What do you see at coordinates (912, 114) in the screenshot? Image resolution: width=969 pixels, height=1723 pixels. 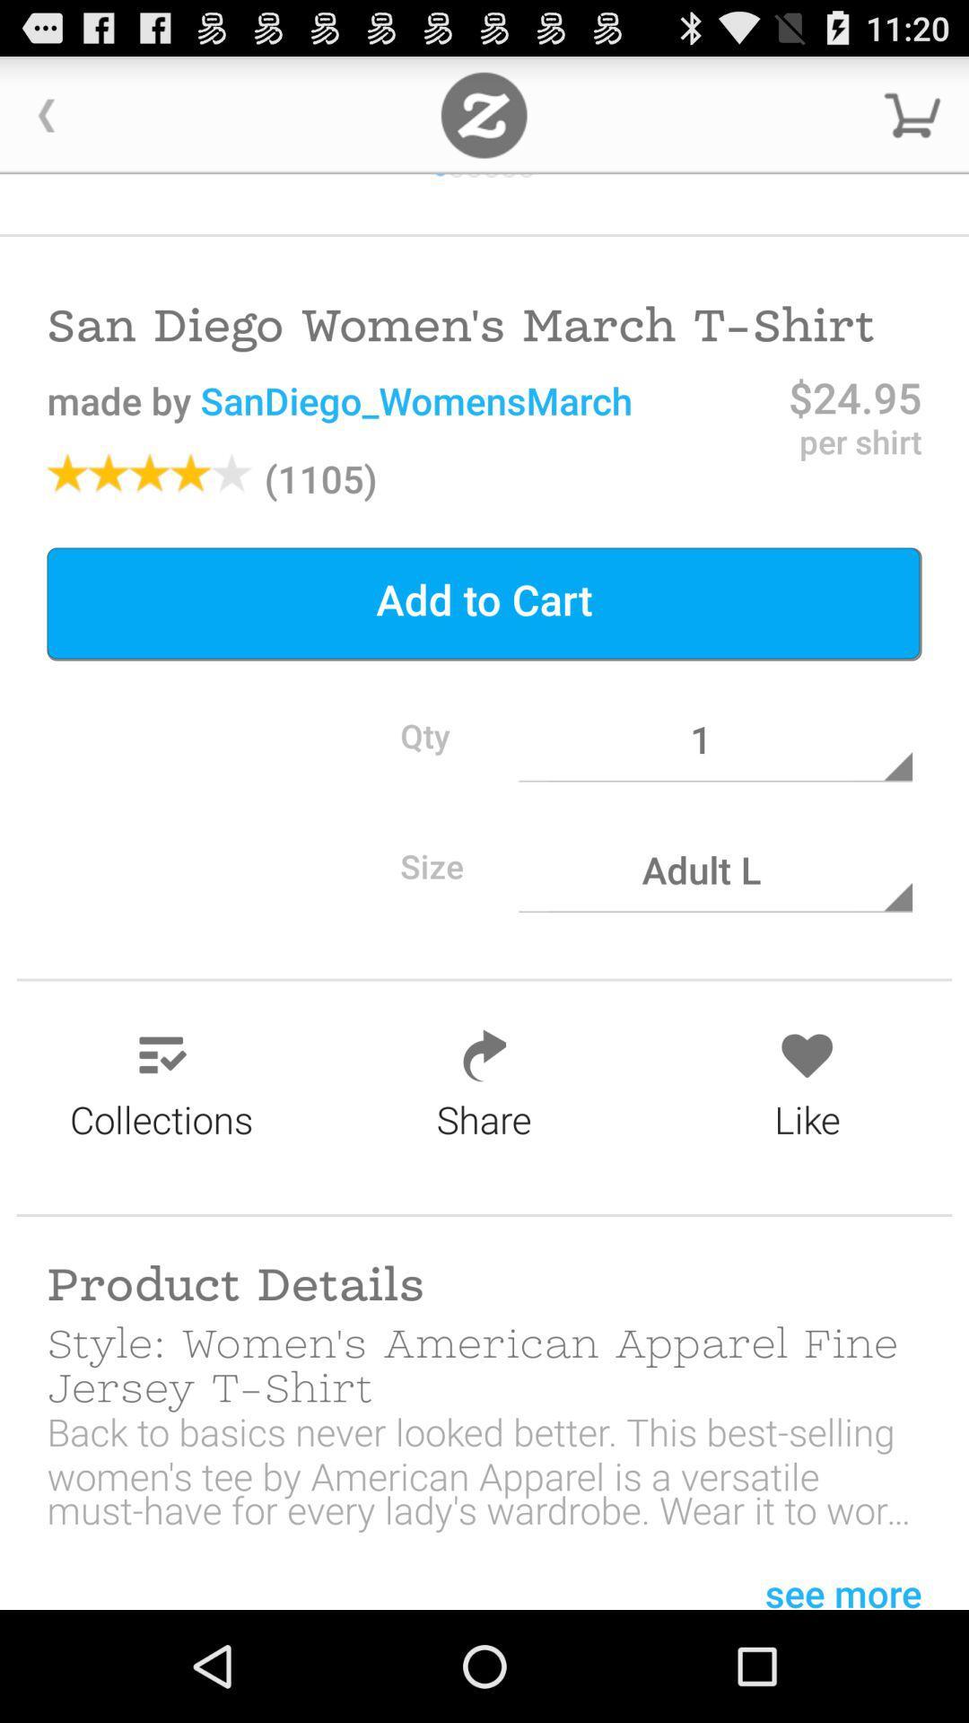 I see `my shopping cart` at bounding box center [912, 114].